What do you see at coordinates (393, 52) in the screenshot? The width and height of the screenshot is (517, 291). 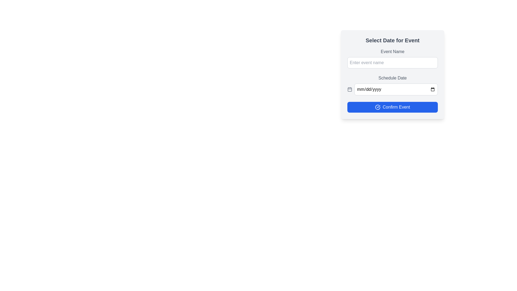 I see `the label indicating the purpose of the adjacent input field for the event name in the 'Select Date for Event' form` at bounding box center [393, 52].